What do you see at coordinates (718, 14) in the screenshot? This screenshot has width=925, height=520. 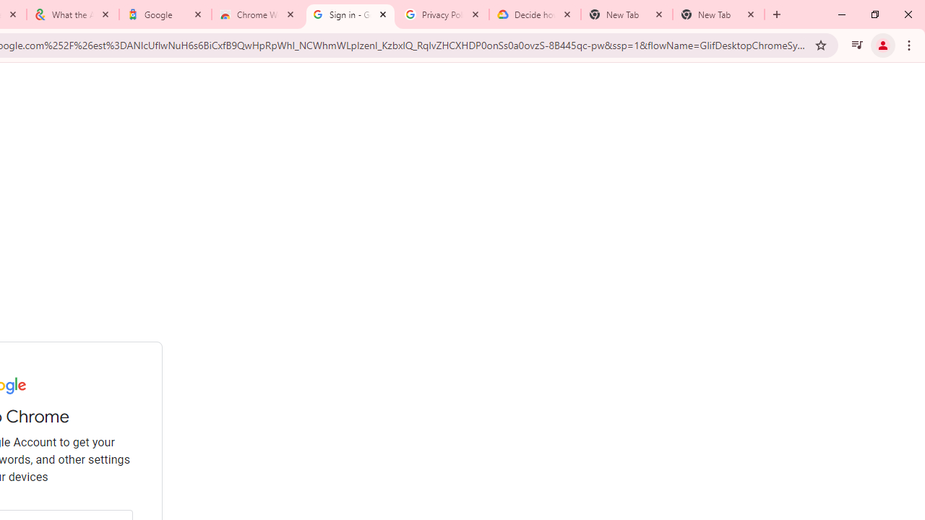 I see `'New Tab'` at bounding box center [718, 14].